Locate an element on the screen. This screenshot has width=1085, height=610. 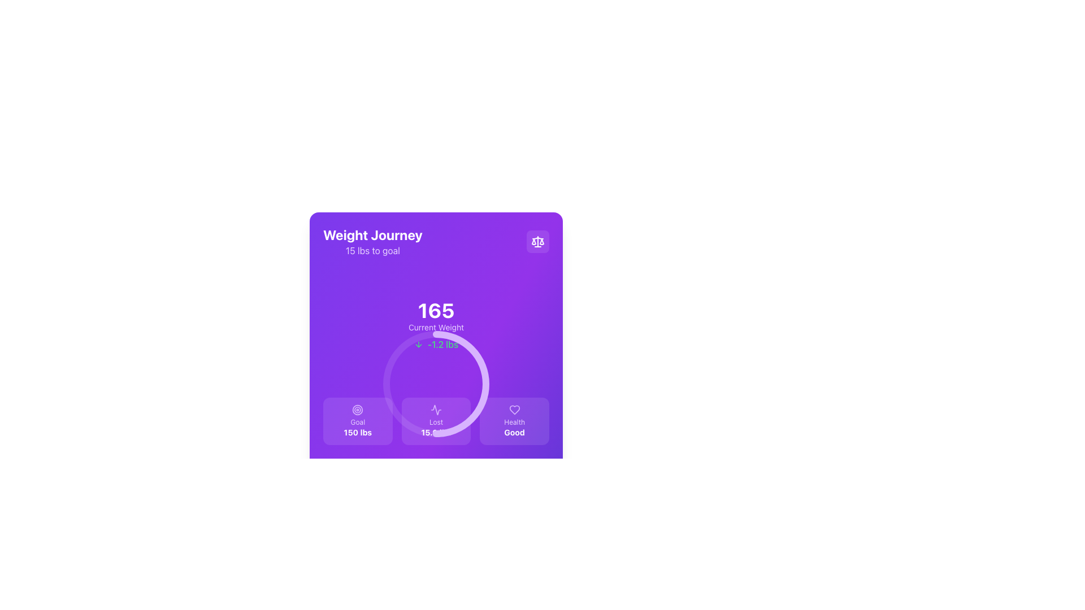
the 'Lost' icon, which is the central icon in a panel of three at the bottom of the card, positioned between the 'Goal' and 'Health' icons is located at coordinates (436, 409).